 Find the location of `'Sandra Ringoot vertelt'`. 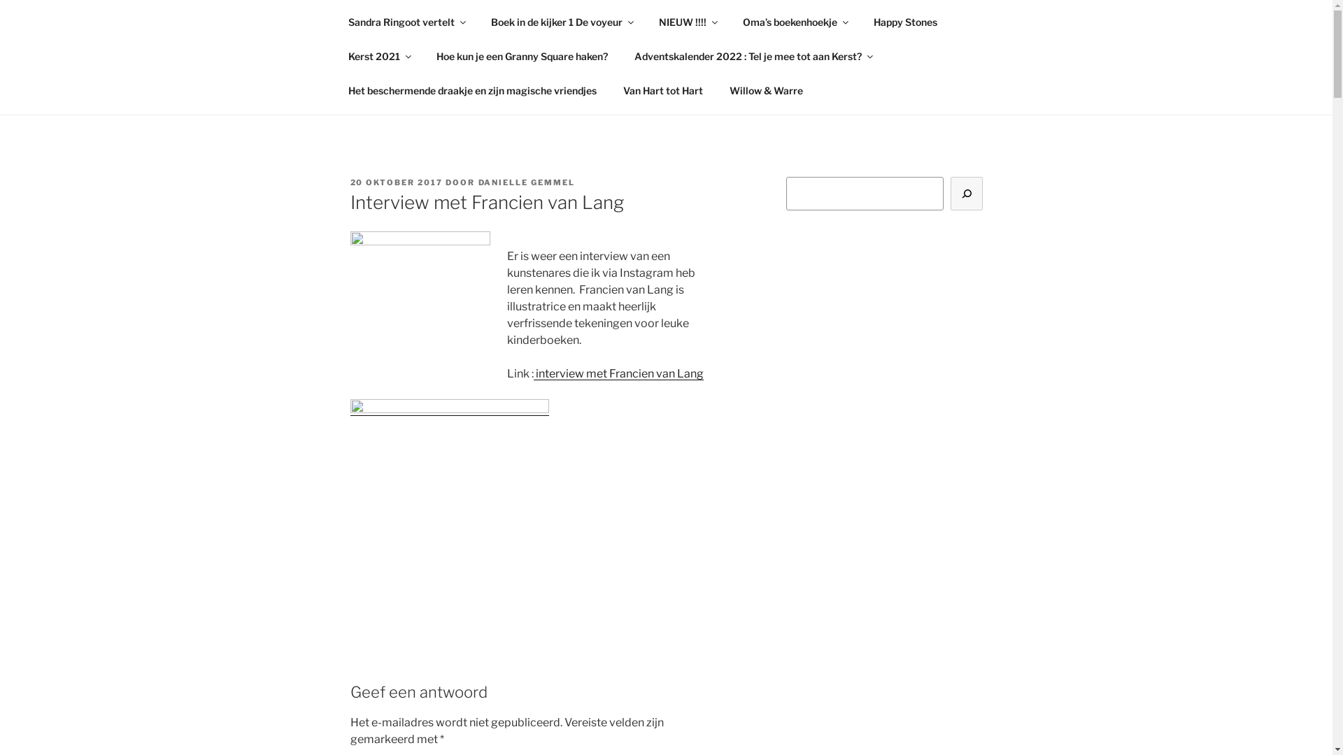

'Sandra Ringoot vertelt' is located at coordinates (336, 21).